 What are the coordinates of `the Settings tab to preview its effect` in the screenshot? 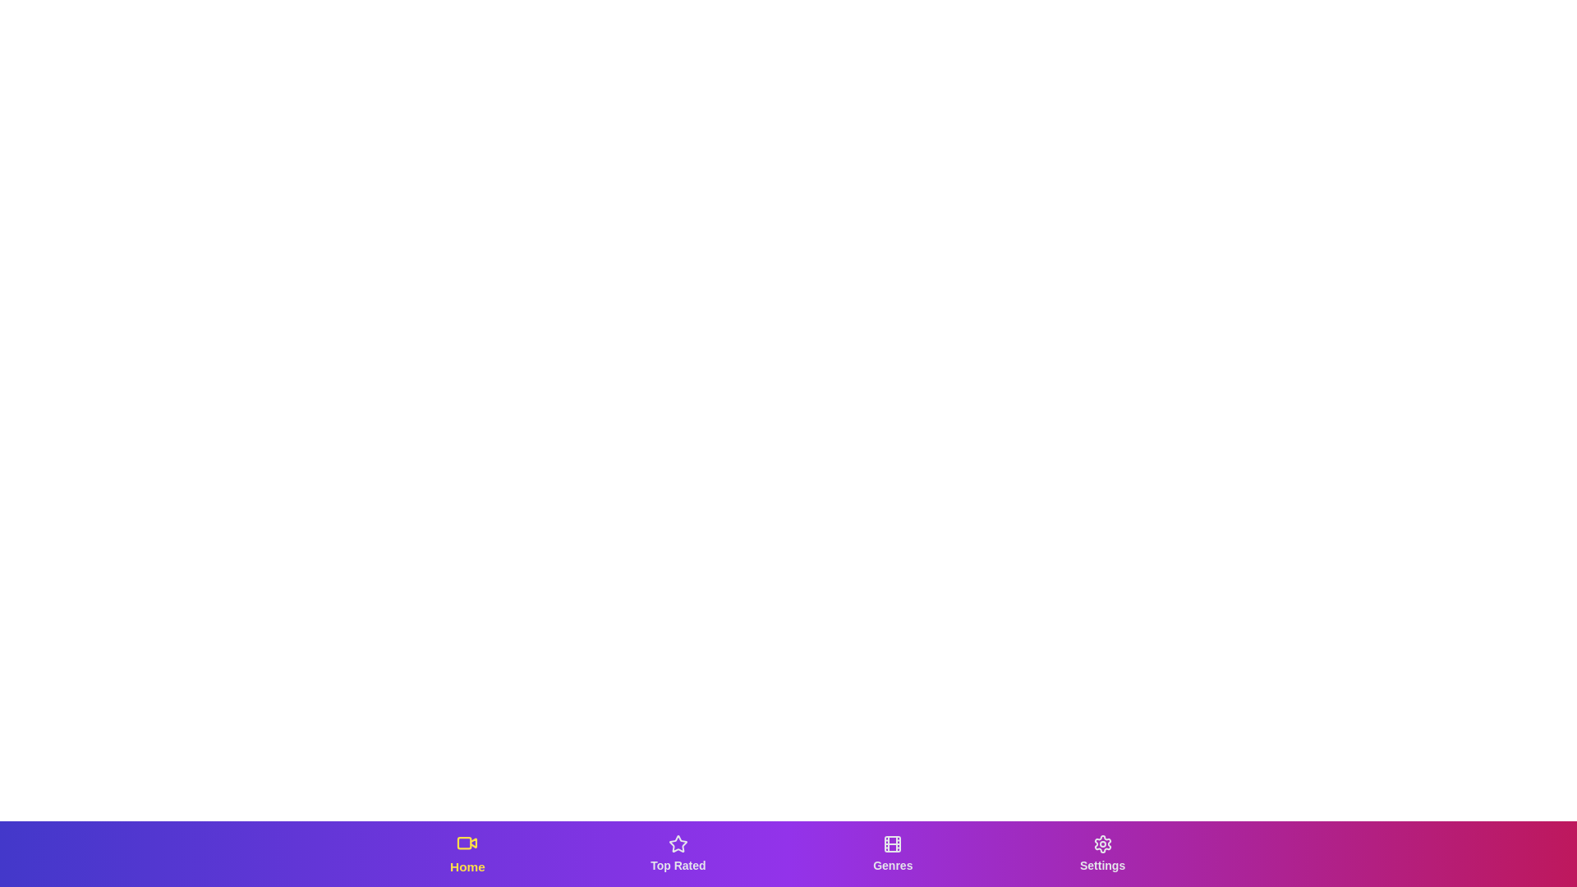 It's located at (1102, 853).